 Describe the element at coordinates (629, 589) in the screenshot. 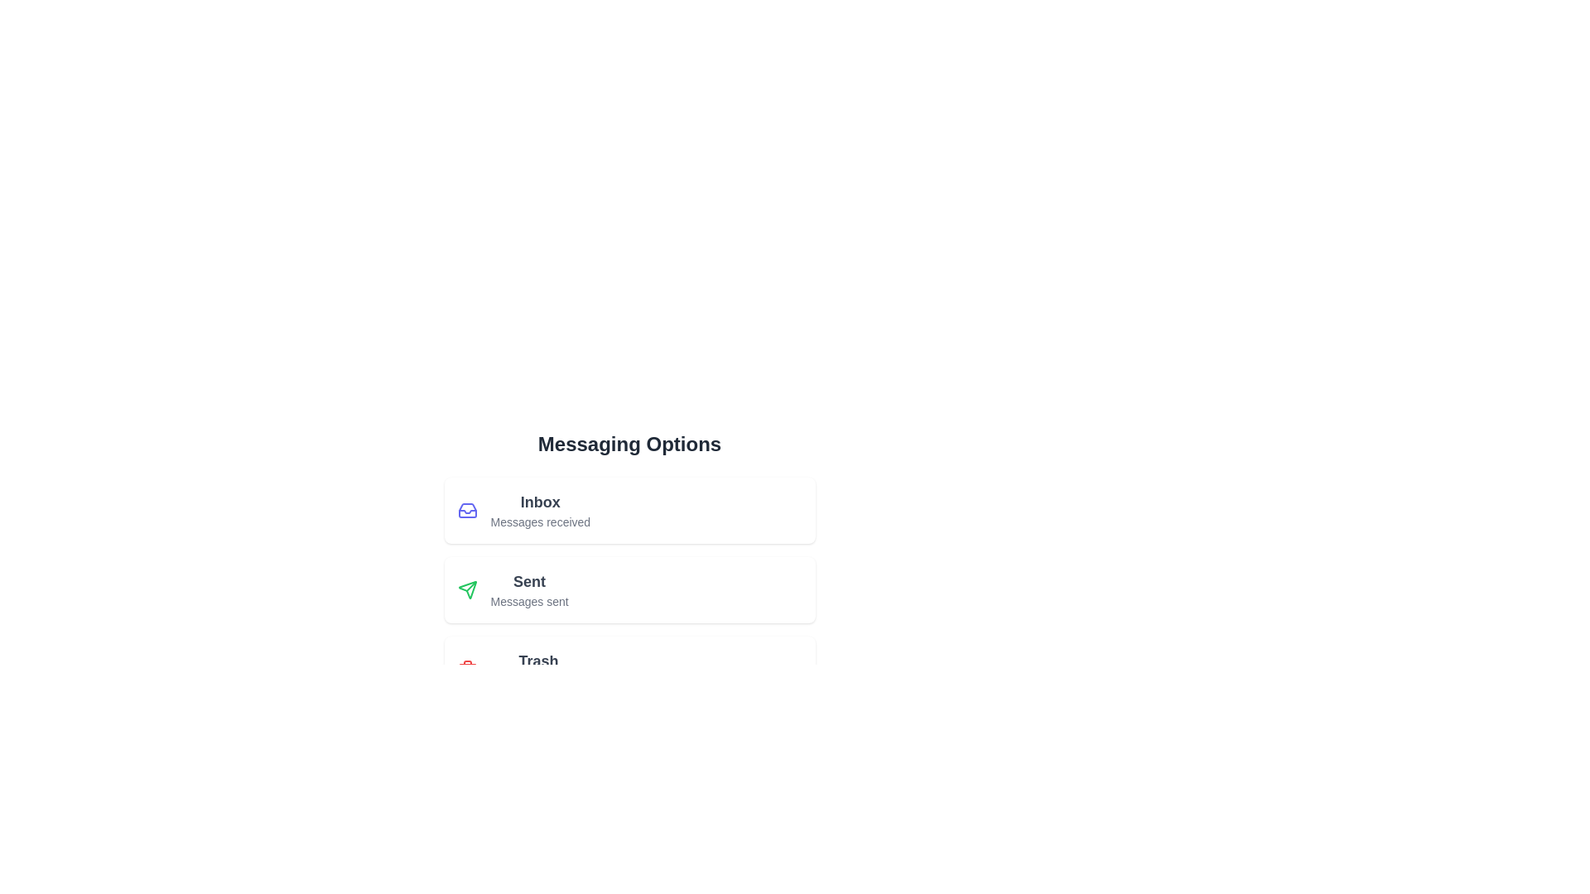

I see `the menu item labeled Sent to observe its hover effect` at that location.